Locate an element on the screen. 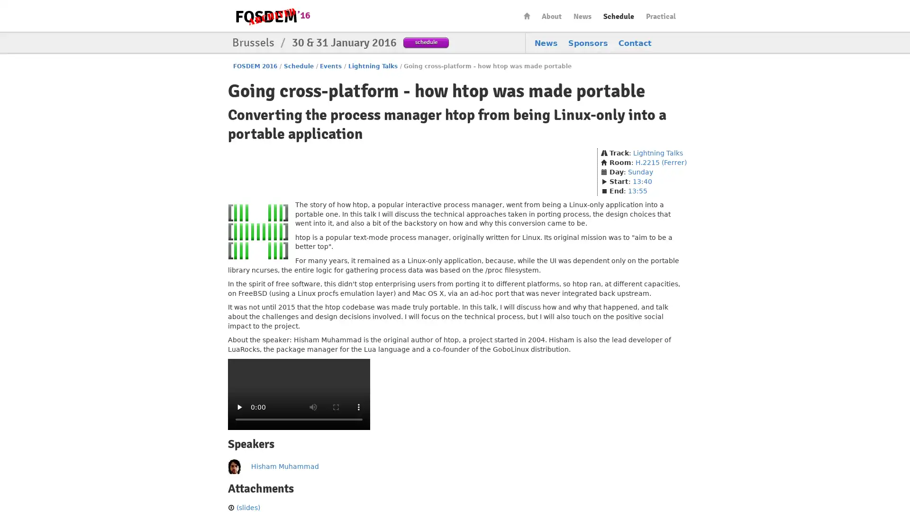 This screenshot has height=512, width=910. mute is located at coordinates (313, 407).